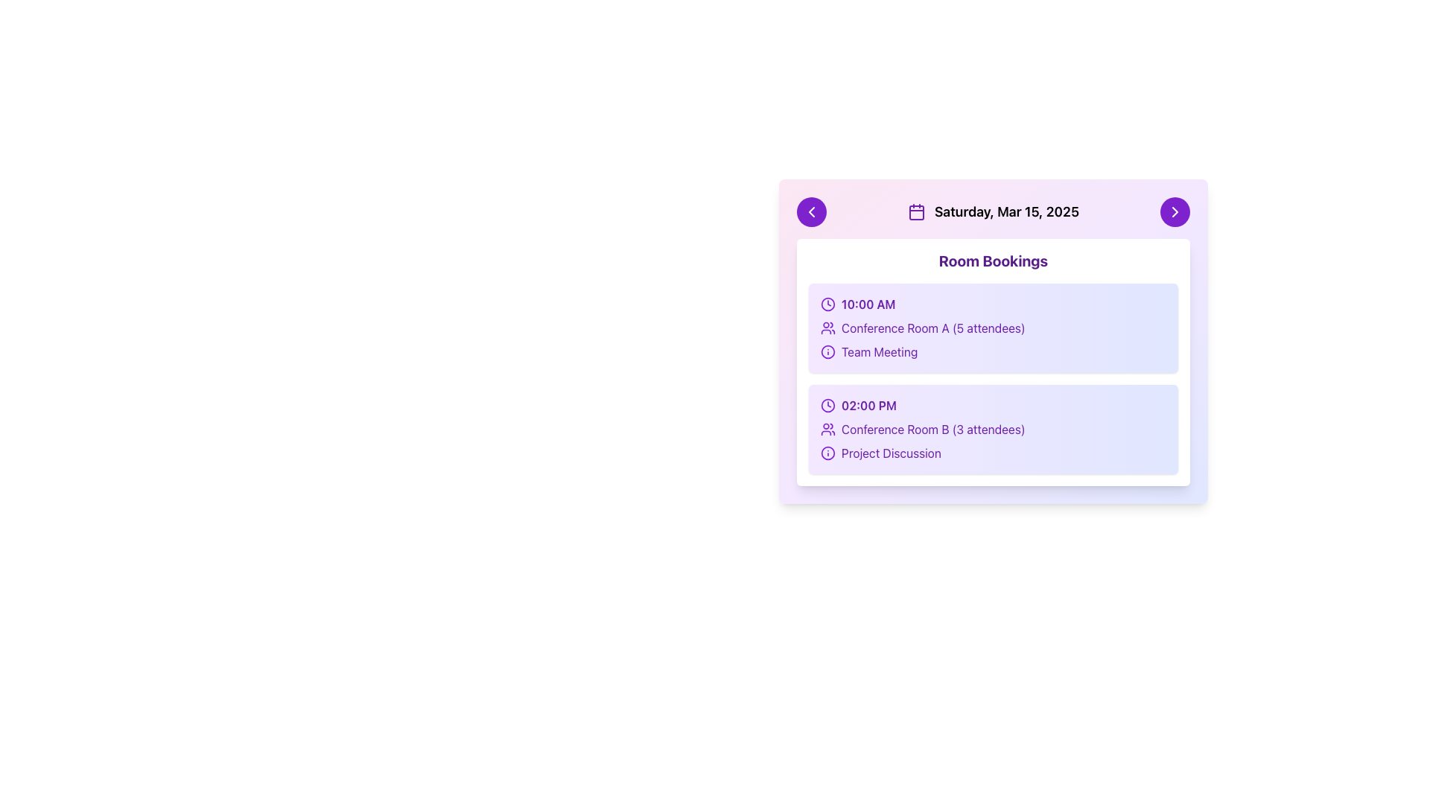 Image resolution: width=1430 pixels, height=804 pixels. What do you see at coordinates (827, 352) in the screenshot?
I see `the outer circle of the 'info' icon associated with the '10:00 AM Team Meeting' entry in the 'Room Bookings' card` at bounding box center [827, 352].